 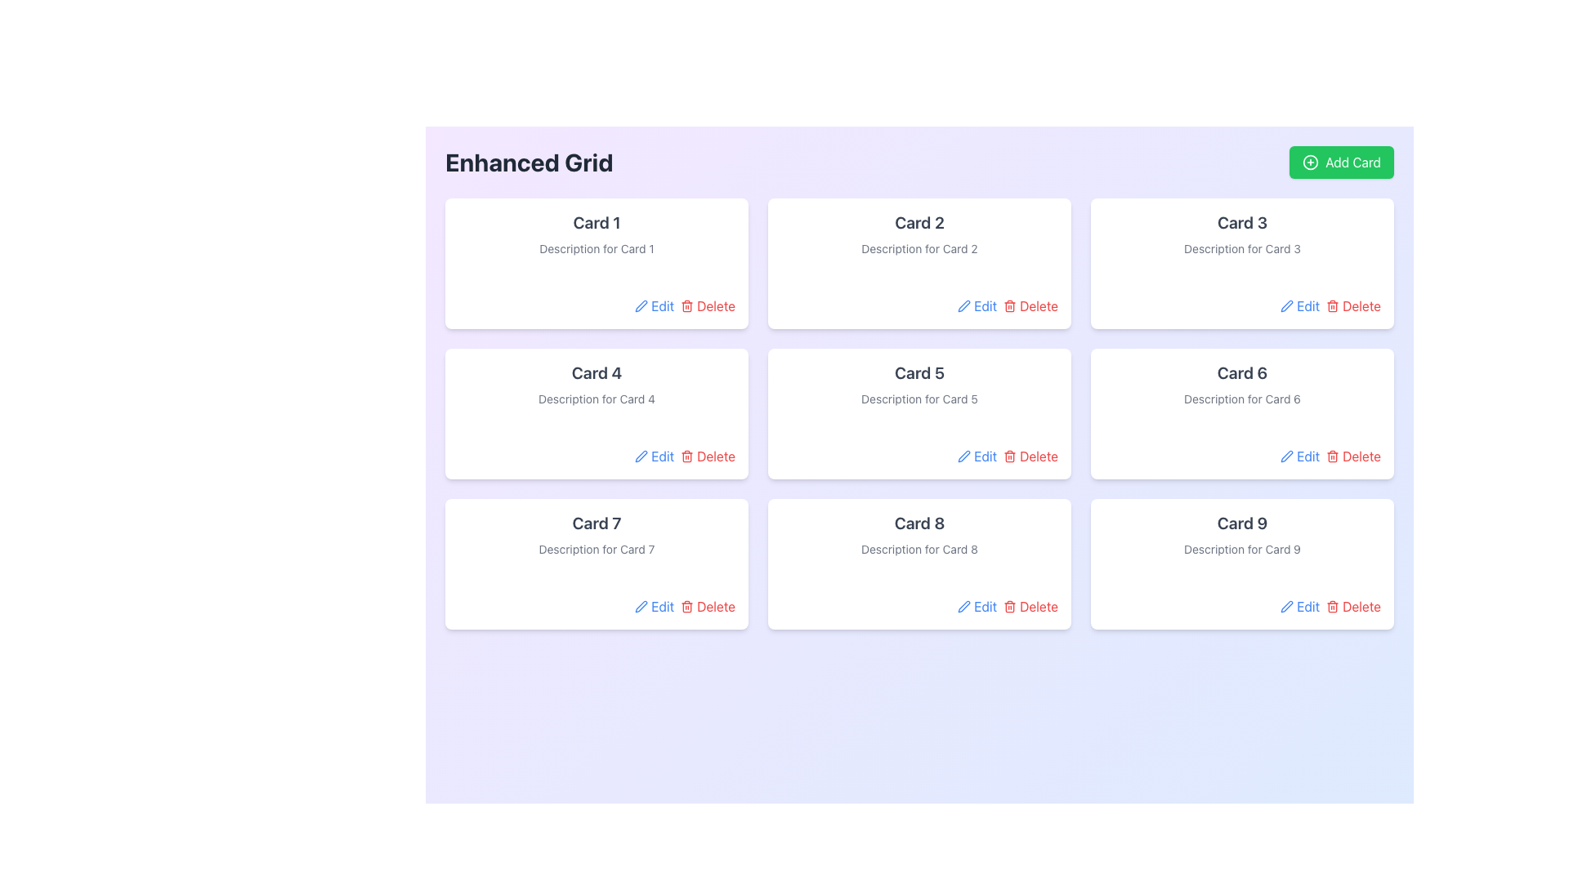 I want to click on the 'Delete' button located at the bottom-right corner of Card 1, so click(x=708, y=305).